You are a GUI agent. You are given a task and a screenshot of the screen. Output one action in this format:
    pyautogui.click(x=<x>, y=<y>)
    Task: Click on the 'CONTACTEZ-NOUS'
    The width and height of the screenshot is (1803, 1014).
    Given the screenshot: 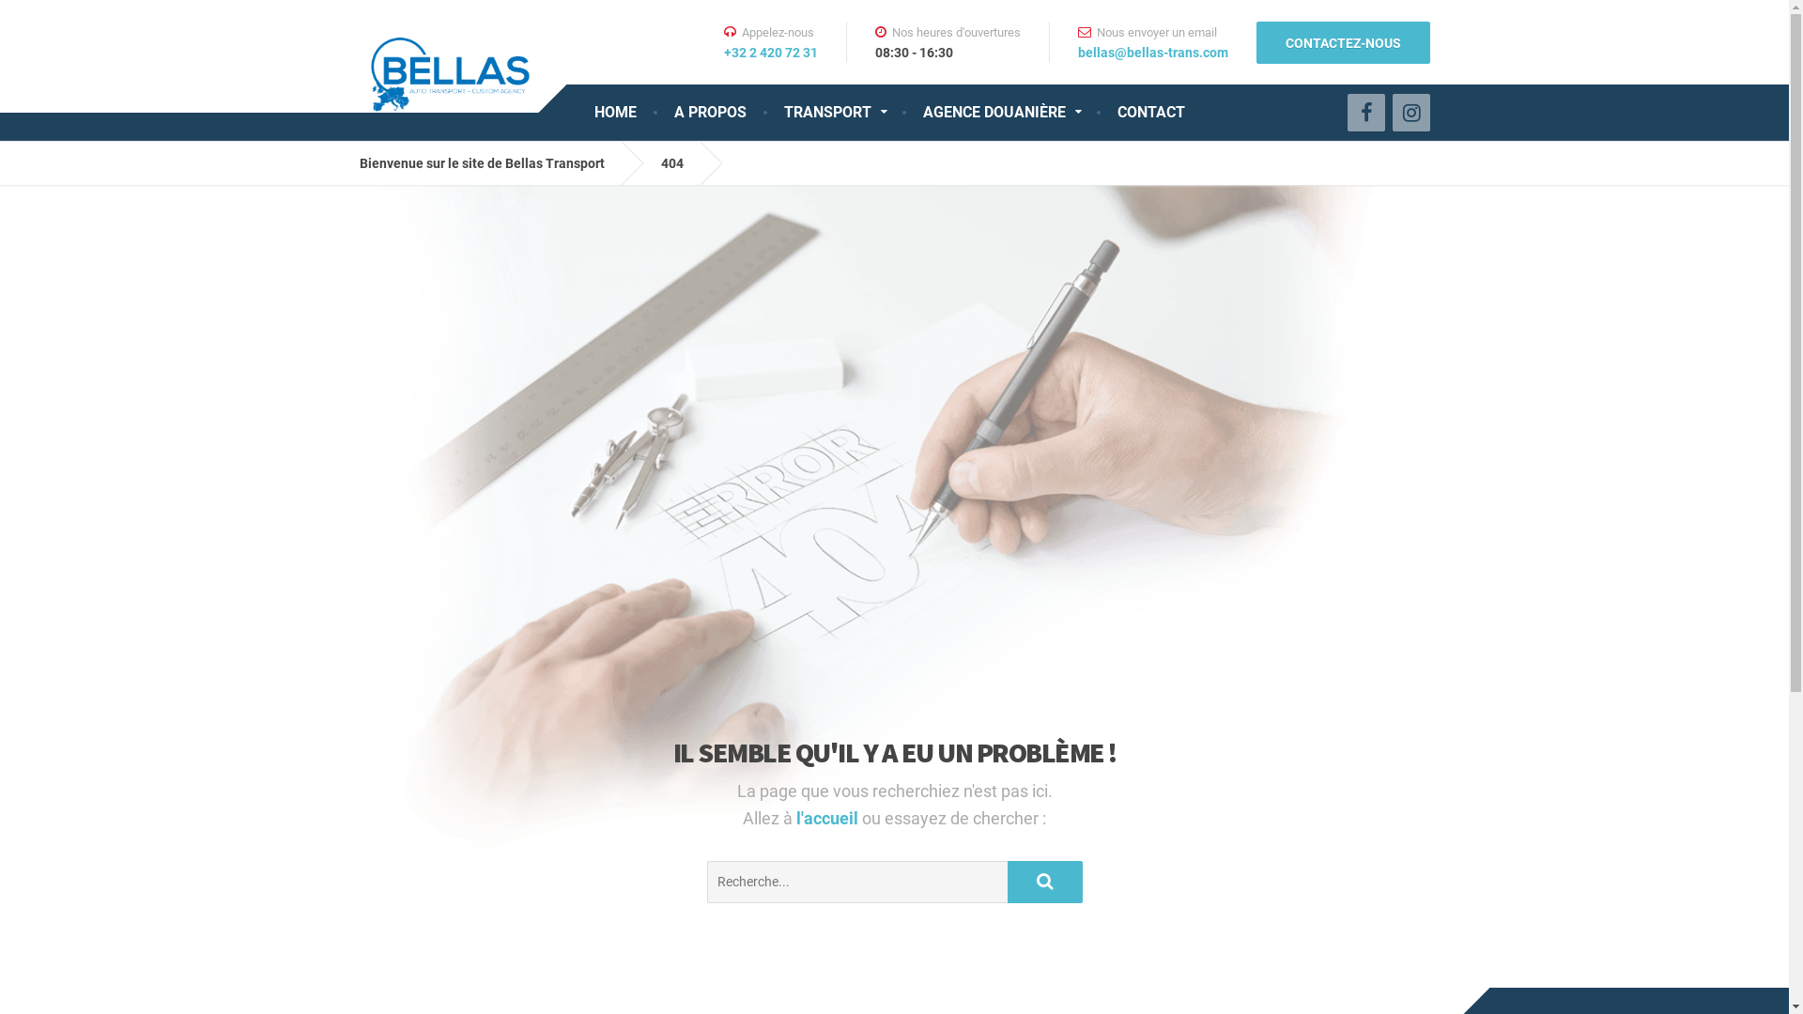 What is the action you would take?
    pyautogui.click(x=1256, y=41)
    